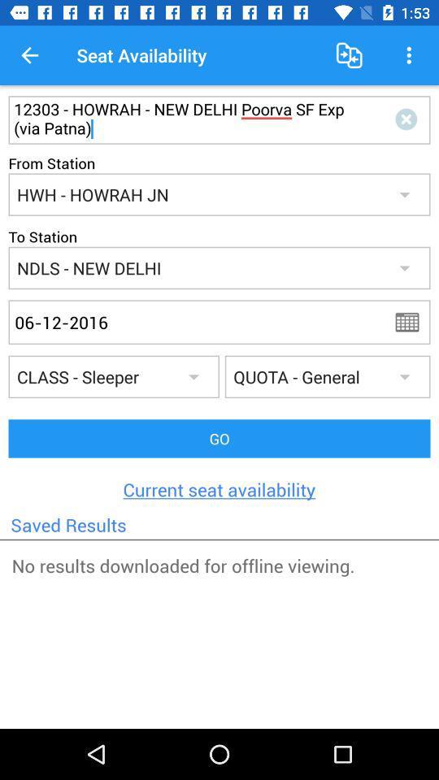 This screenshot has height=780, width=439. What do you see at coordinates (219, 438) in the screenshot?
I see `go icon` at bounding box center [219, 438].